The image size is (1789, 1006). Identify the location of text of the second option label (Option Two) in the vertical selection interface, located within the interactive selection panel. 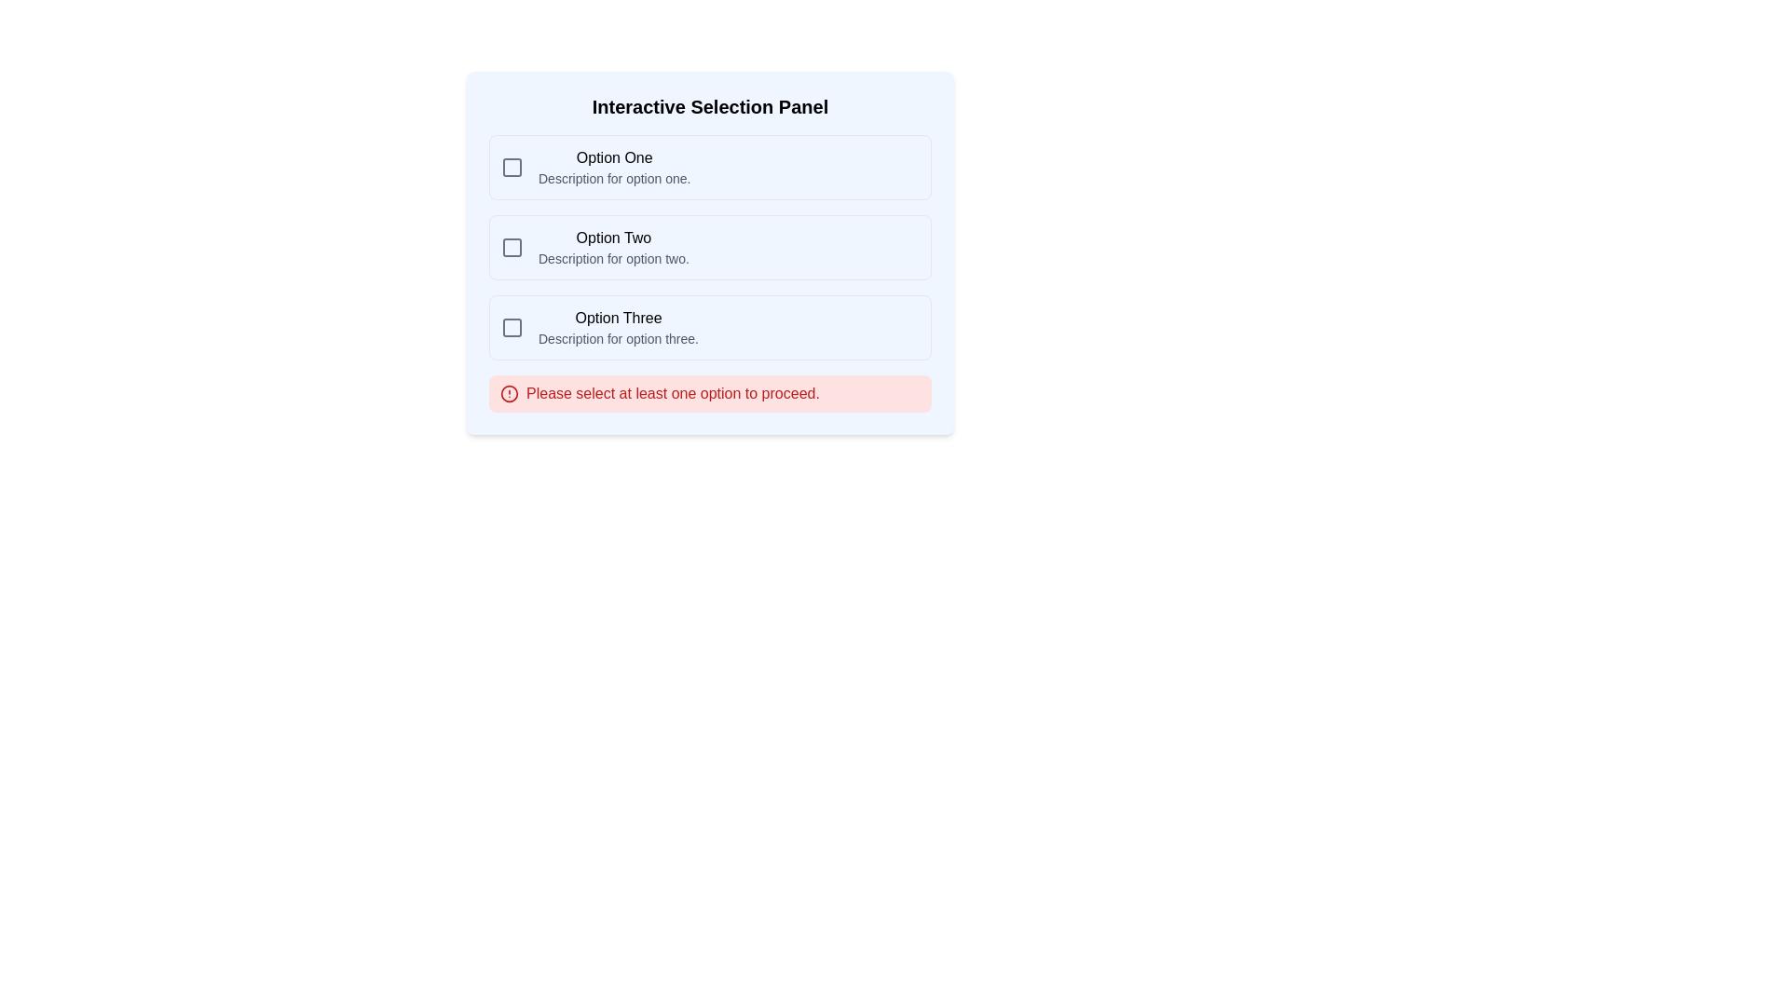
(613, 247).